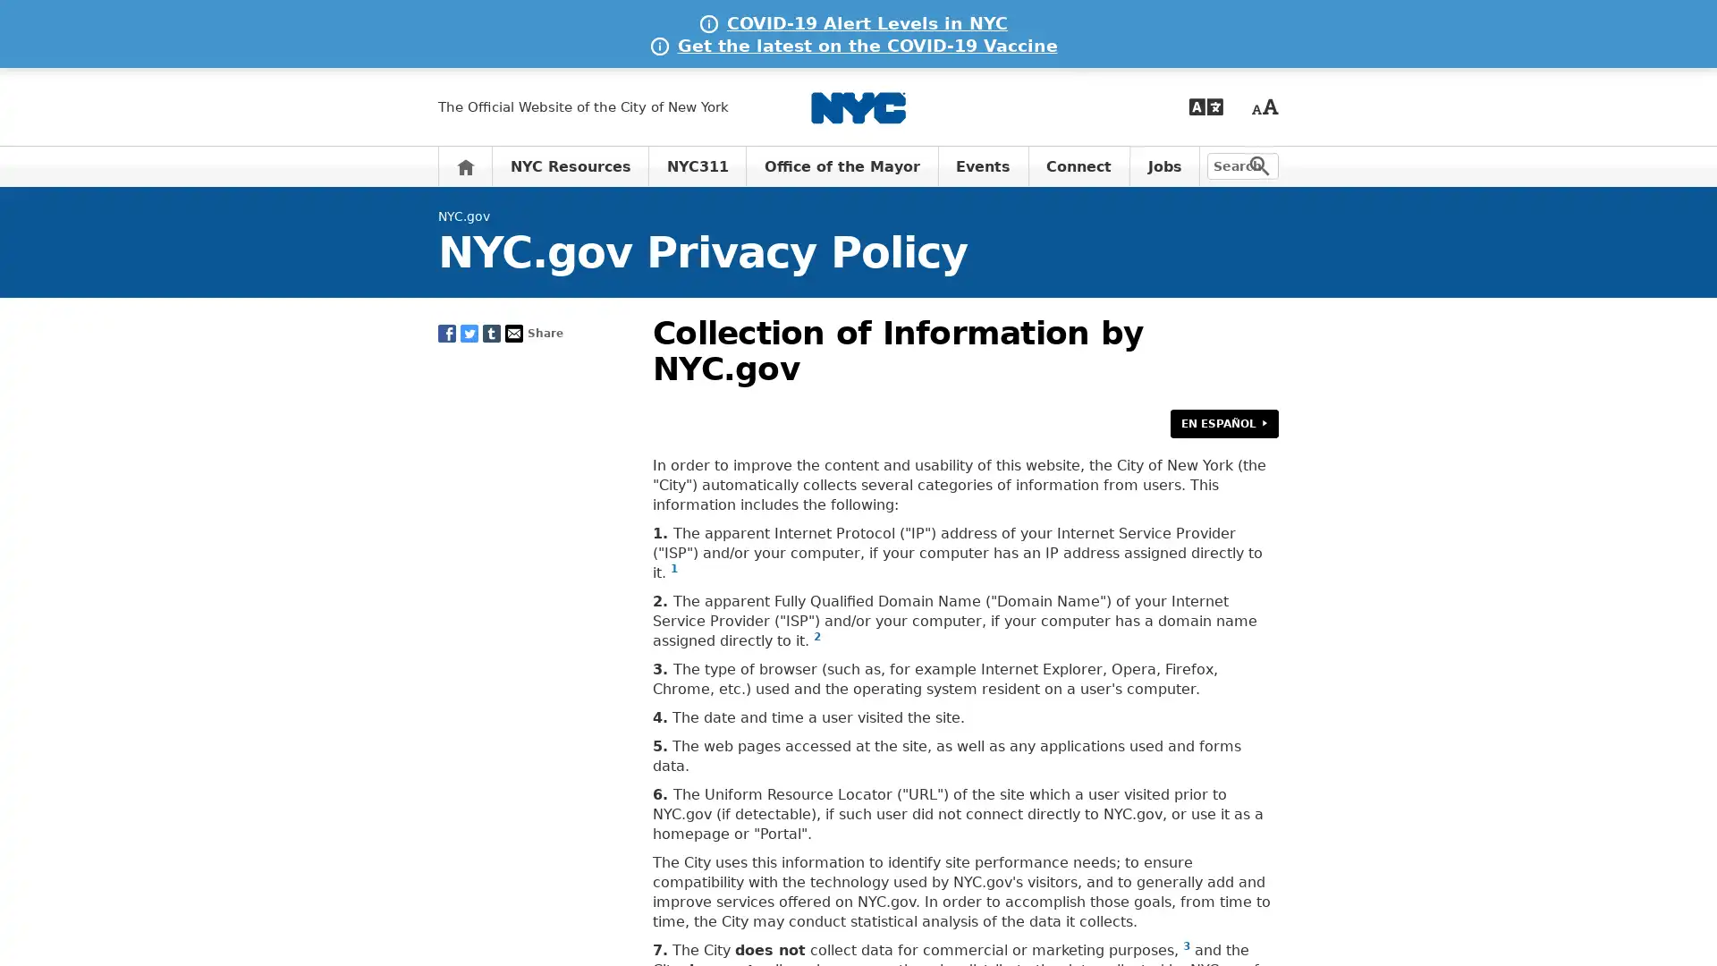 This screenshot has height=966, width=1717. Describe the element at coordinates (1205, 106) in the screenshot. I see `Toggle Language Translation` at that location.